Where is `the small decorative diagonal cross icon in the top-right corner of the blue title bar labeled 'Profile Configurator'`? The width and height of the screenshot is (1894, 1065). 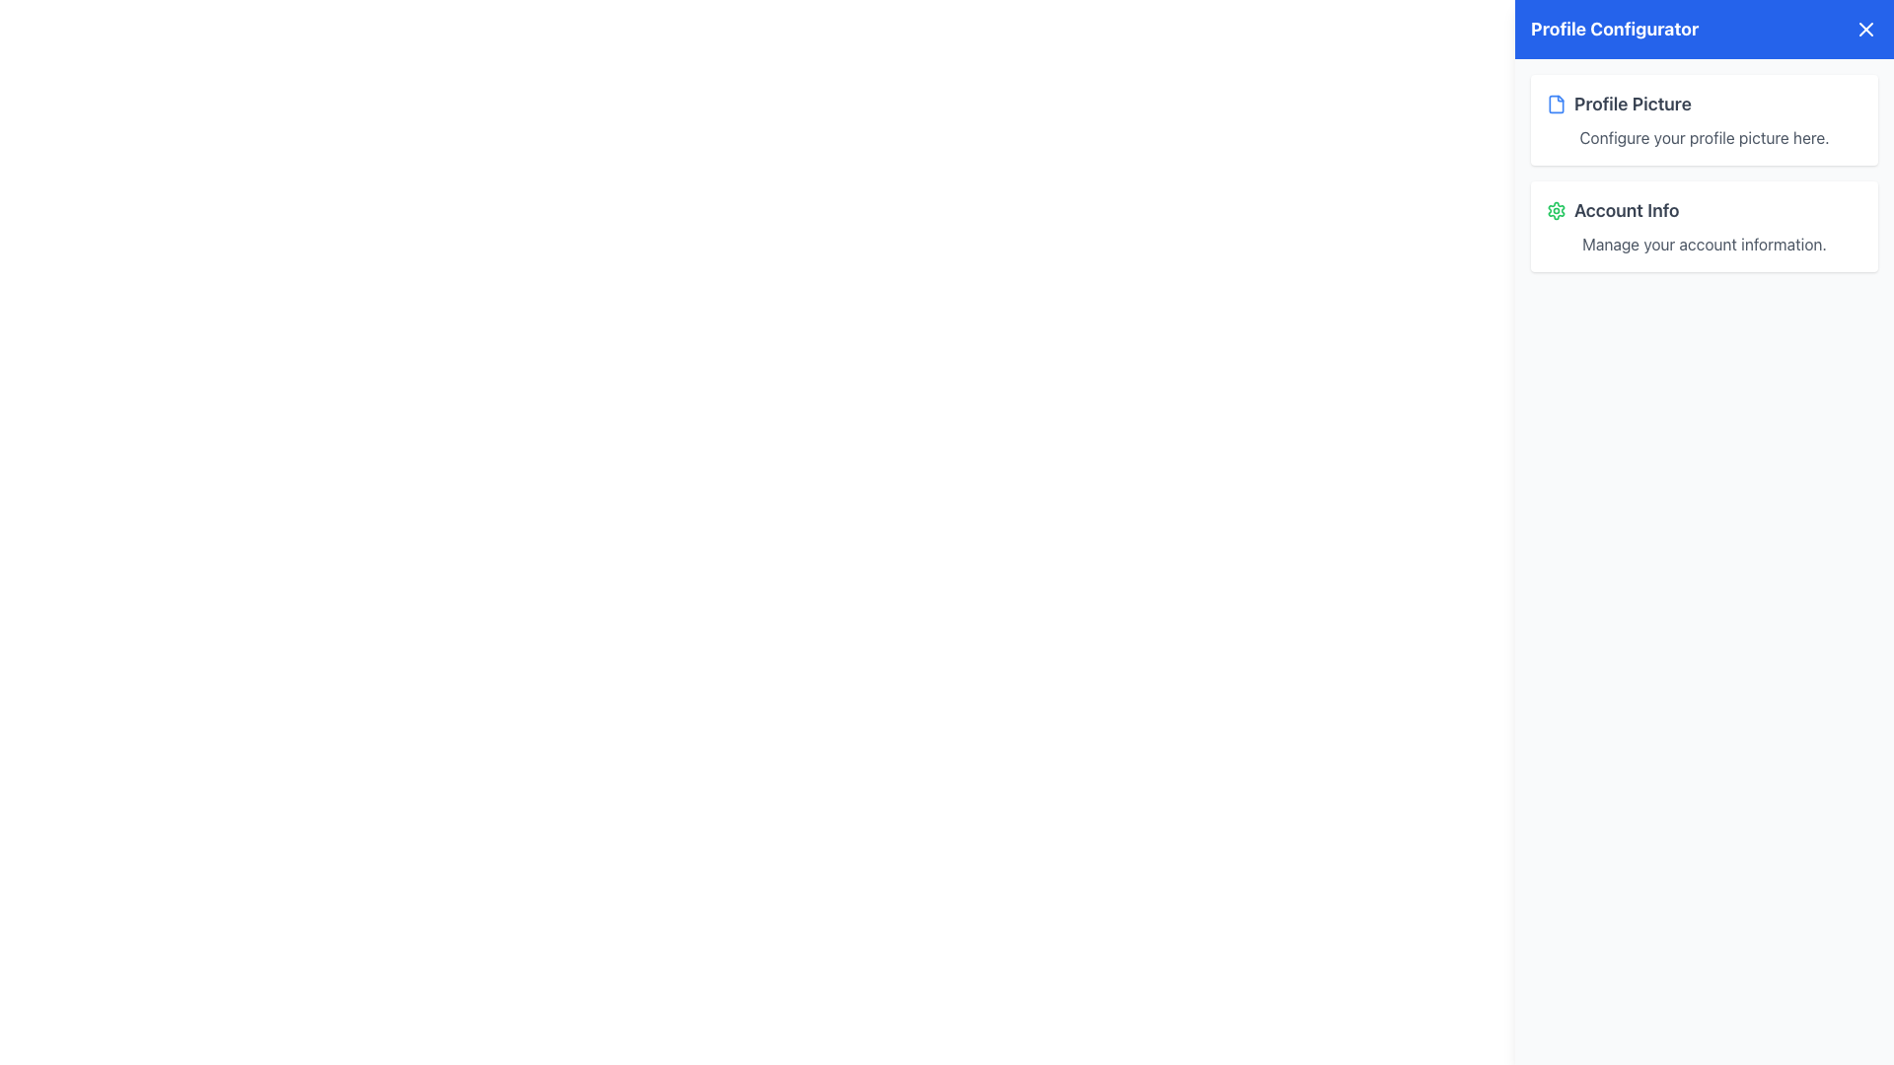
the small decorative diagonal cross icon in the top-right corner of the blue title bar labeled 'Profile Configurator' is located at coordinates (1864, 30).